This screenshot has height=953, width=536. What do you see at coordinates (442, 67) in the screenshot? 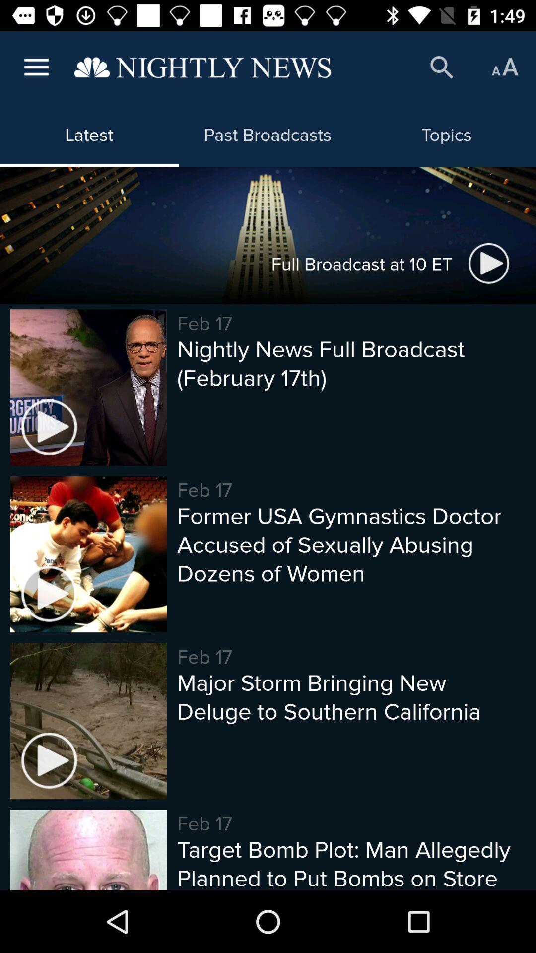
I see `the icon above the topics` at bounding box center [442, 67].